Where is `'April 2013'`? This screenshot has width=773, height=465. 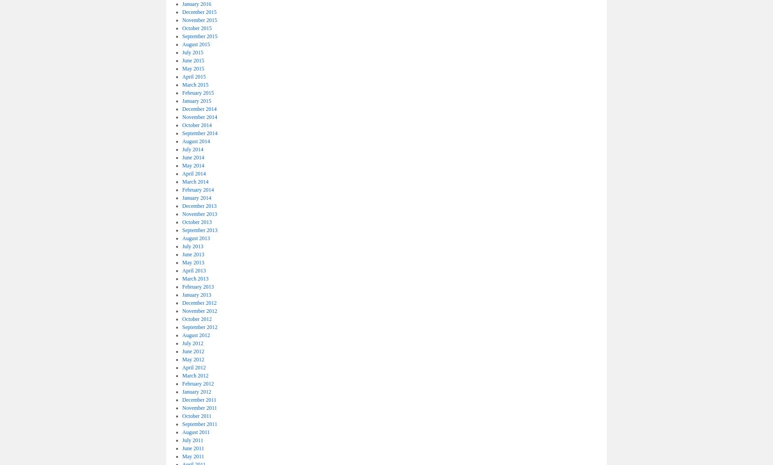 'April 2013' is located at coordinates (193, 270).